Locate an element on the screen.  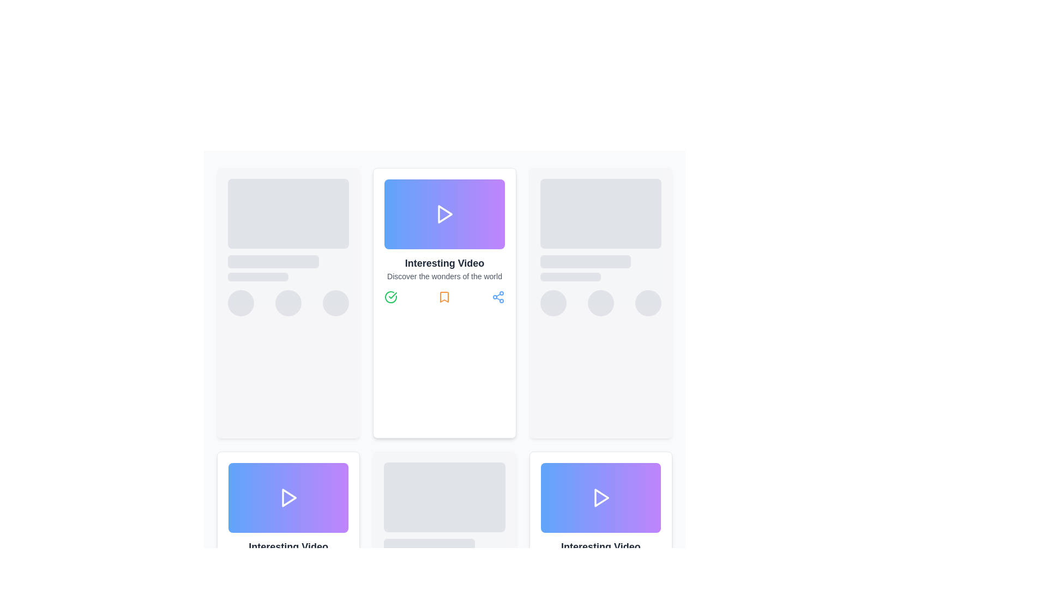
the triangular play icon, which is outlined and tilted to the right, located within a gradient background panel labeled 'Interesting Video' is located at coordinates (600, 498).